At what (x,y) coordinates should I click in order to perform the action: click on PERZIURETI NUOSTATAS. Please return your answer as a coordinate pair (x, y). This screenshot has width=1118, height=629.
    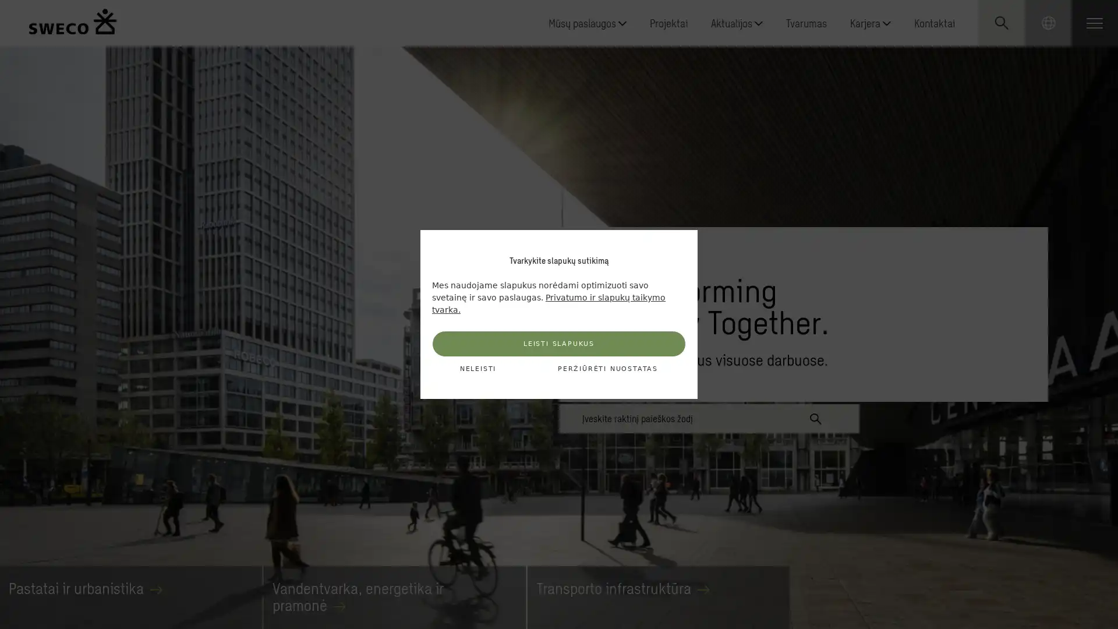
    Looking at the image, I should click on (607, 369).